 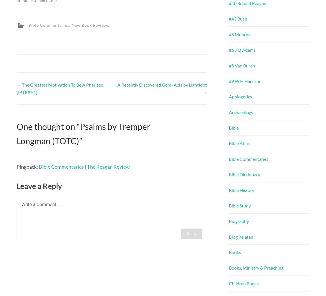 I want to click on ',', so click(x=70, y=24).